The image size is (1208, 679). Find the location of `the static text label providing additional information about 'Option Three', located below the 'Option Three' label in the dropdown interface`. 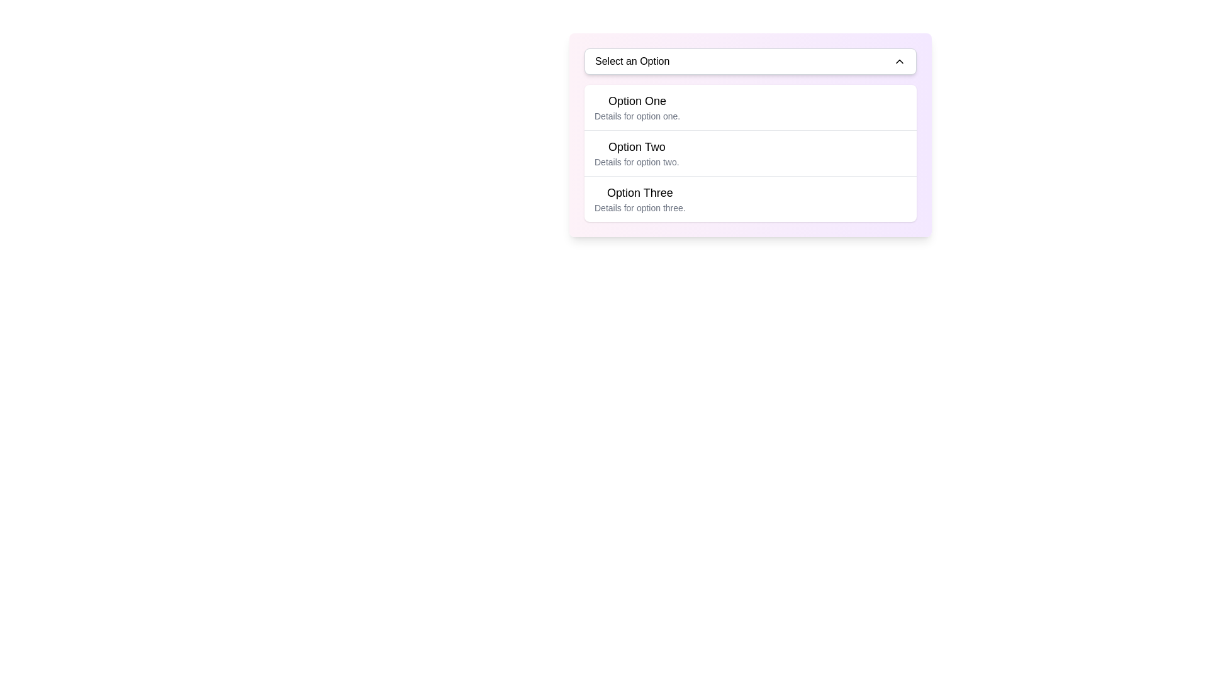

the static text label providing additional information about 'Option Three', located below the 'Option Three' label in the dropdown interface is located at coordinates (640, 207).